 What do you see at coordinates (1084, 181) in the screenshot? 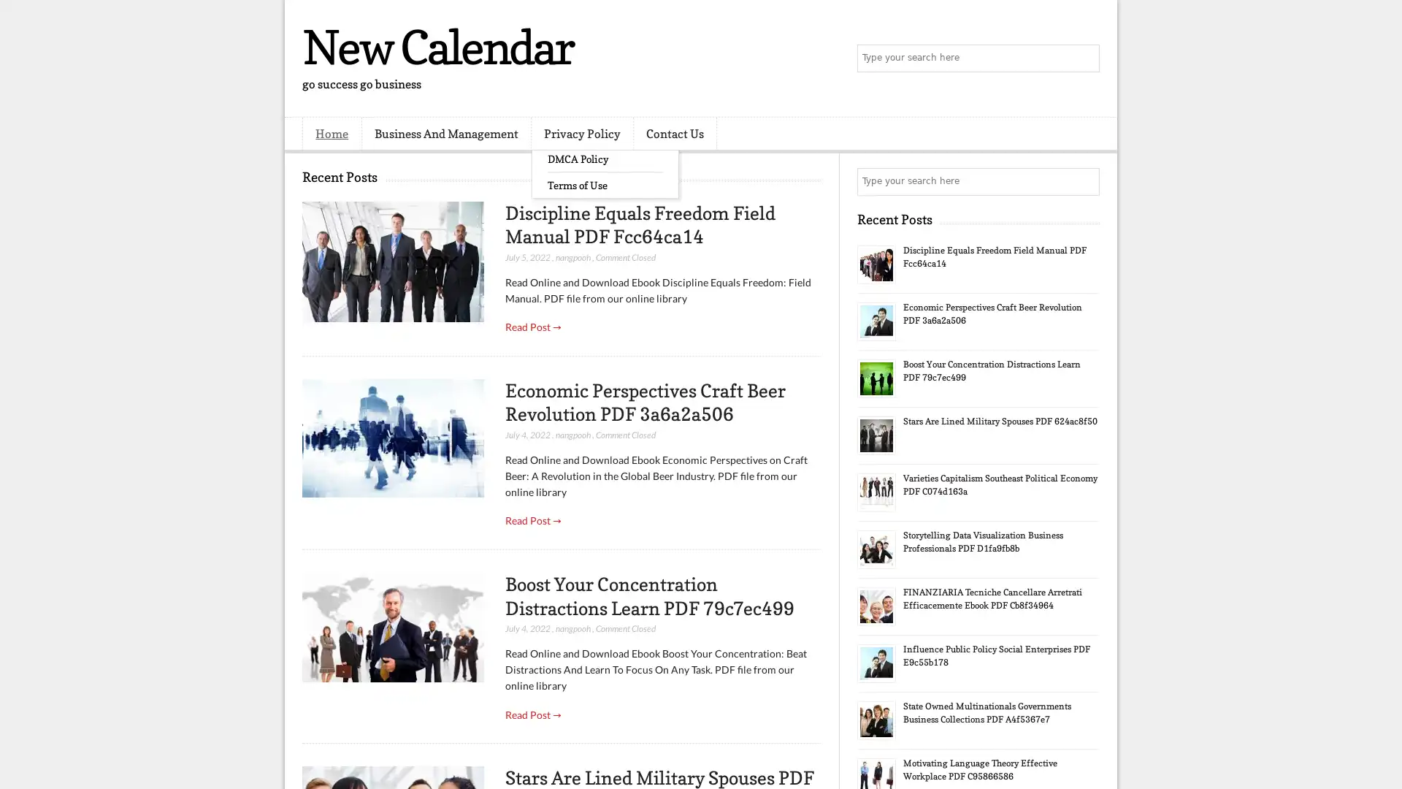
I see `Search` at bounding box center [1084, 181].